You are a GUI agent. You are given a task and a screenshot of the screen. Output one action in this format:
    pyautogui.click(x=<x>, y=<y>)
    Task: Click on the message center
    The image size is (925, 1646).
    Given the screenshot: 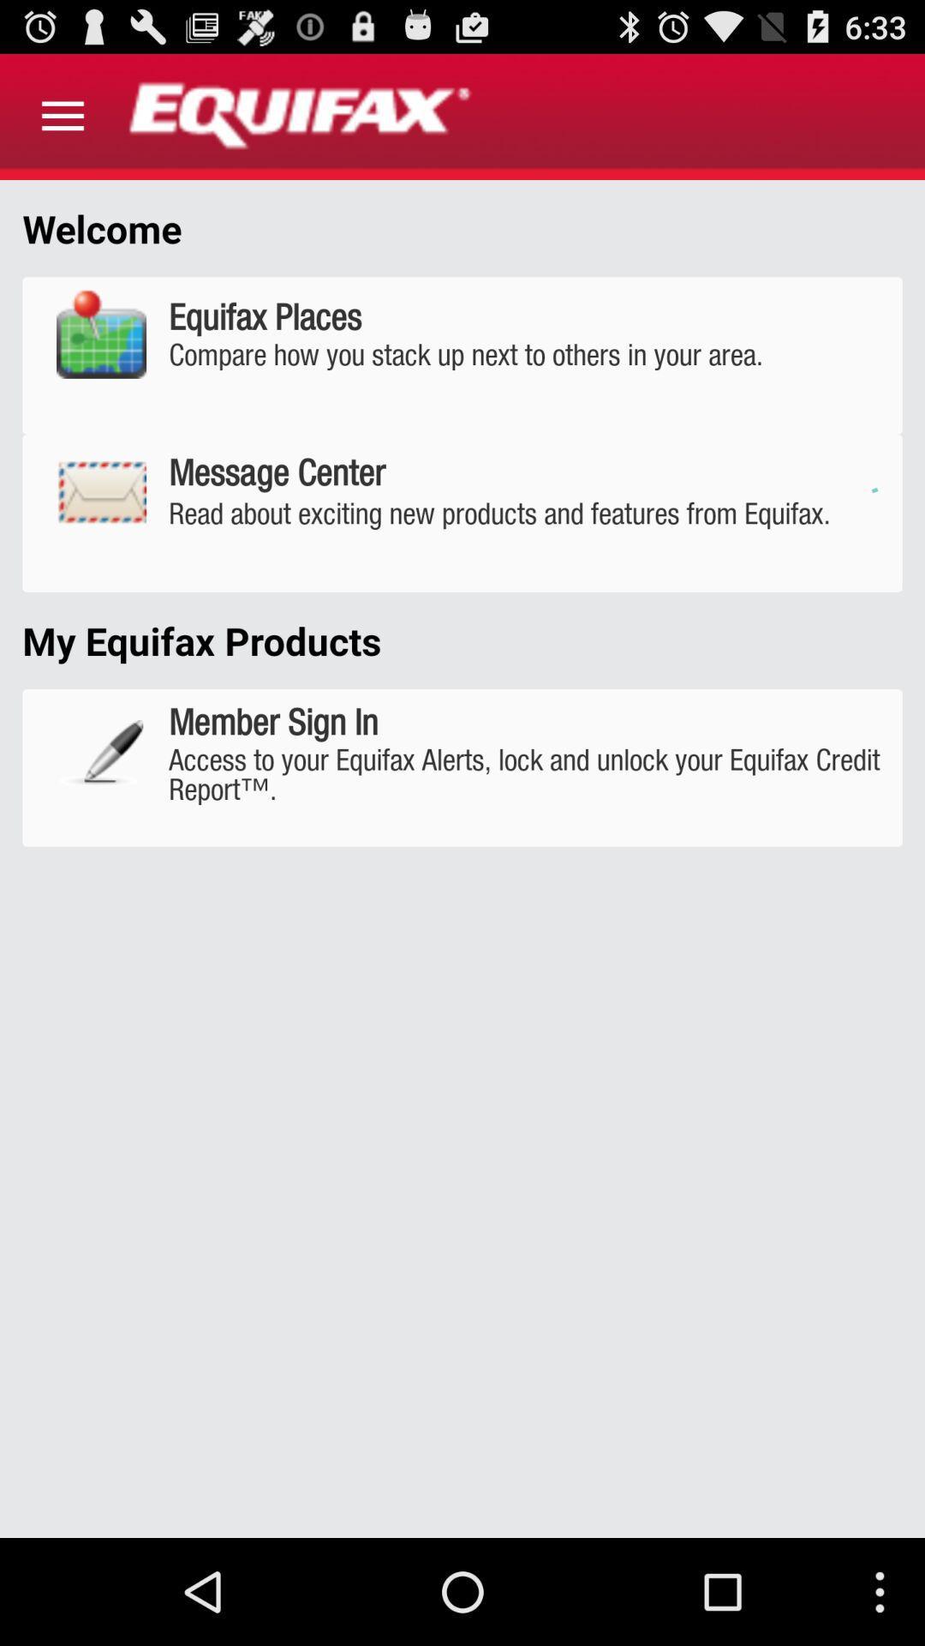 What is the action you would take?
    pyautogui.click(x=462, y=513)
    